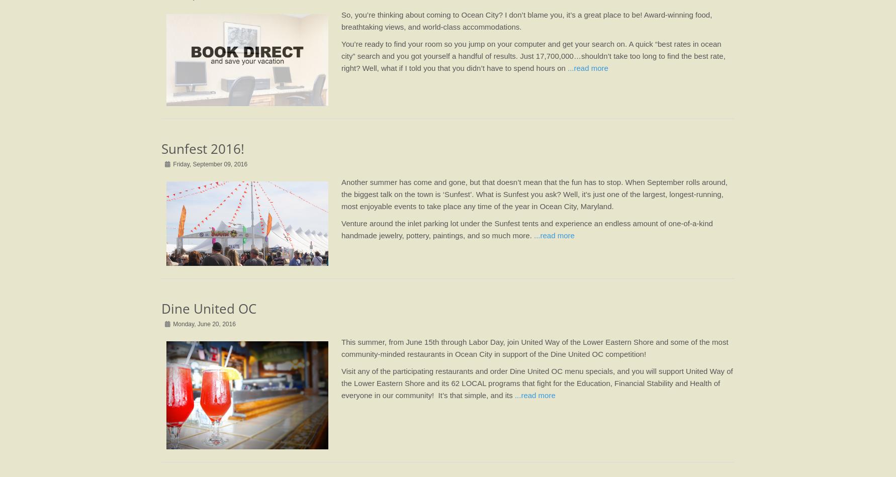 Image resolution: width=896 pixels, height=477 pixels. I want to click on 'This summer, from June 15th through Labor Day, join United Way of the Lower Eastern Shore and some of the most community-minded restaurants in Ocean City in support of the Dine United OC competition!', so click(534, 348).